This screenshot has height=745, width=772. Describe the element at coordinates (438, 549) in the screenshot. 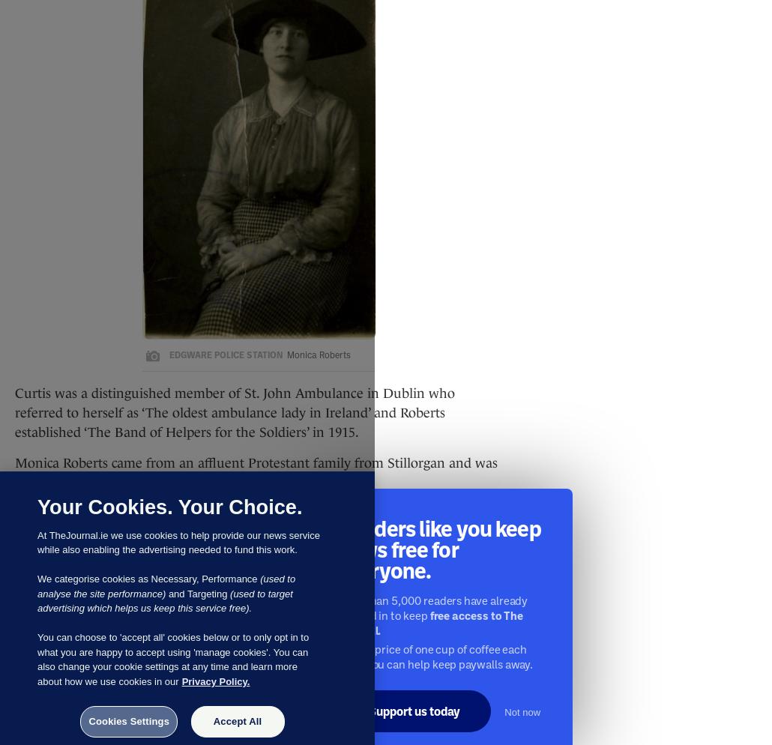

I see `'Readers like you keep news free for everyone.'` at that location.